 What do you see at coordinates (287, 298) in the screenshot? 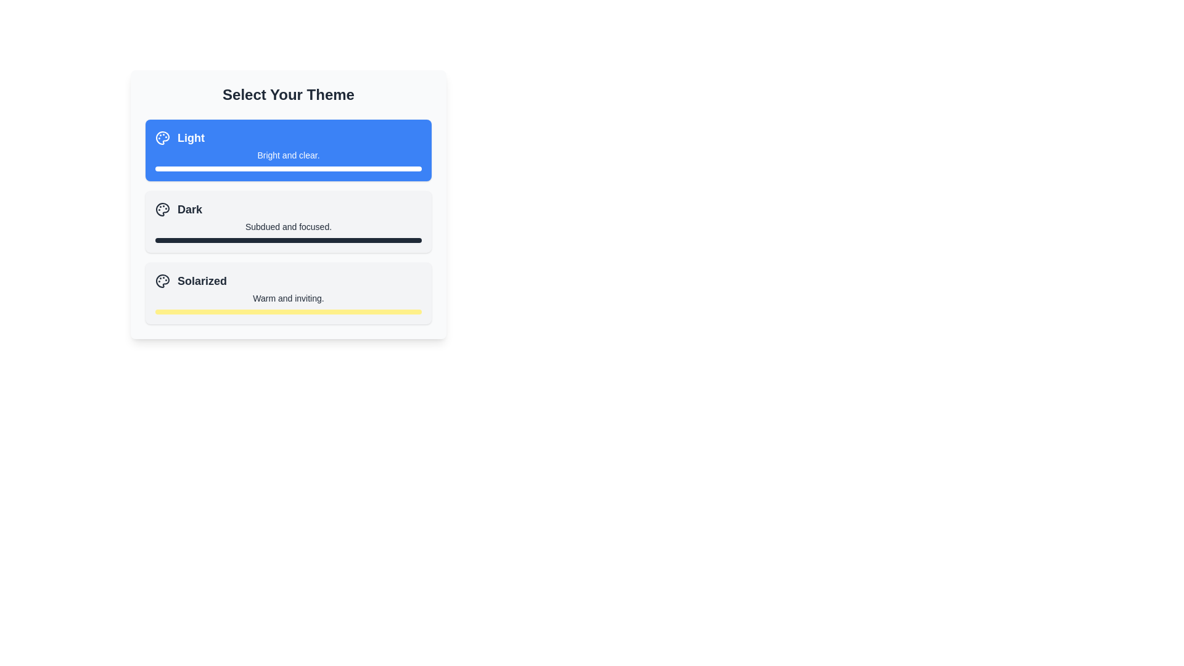
I see `the text label that reads 'Warm and inviting.' positioned beneath the title 'Solarized' in a card design` at bounding box center [287, 298].